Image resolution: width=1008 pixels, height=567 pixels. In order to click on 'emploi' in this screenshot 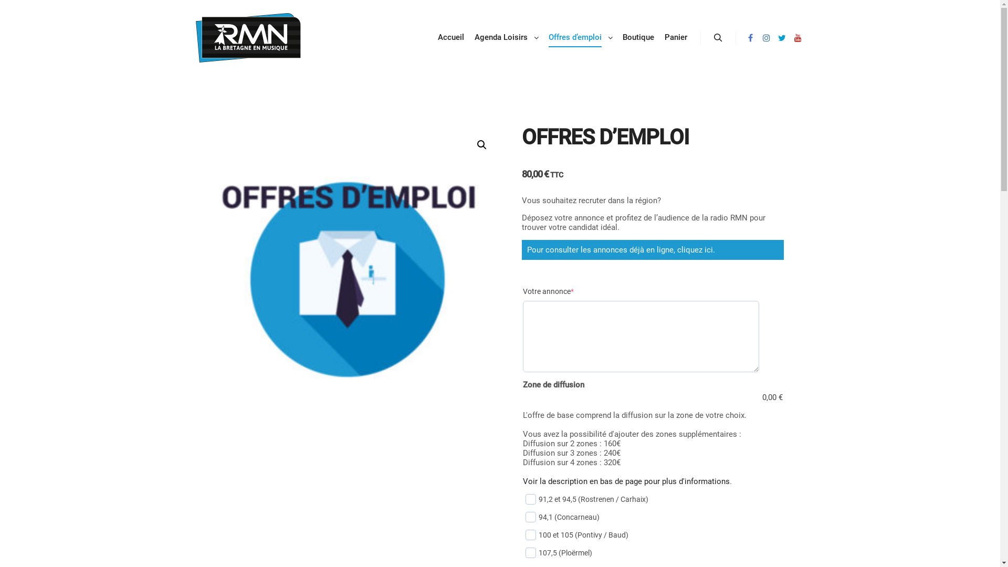, I will do `click(347, 279)`.